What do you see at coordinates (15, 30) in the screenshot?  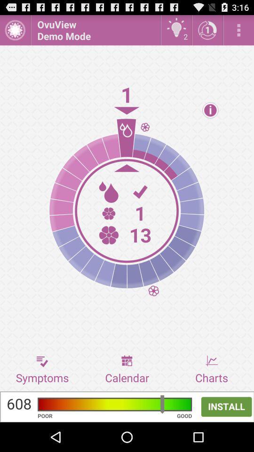 I see `open menu` at bounding box center [15, 30].